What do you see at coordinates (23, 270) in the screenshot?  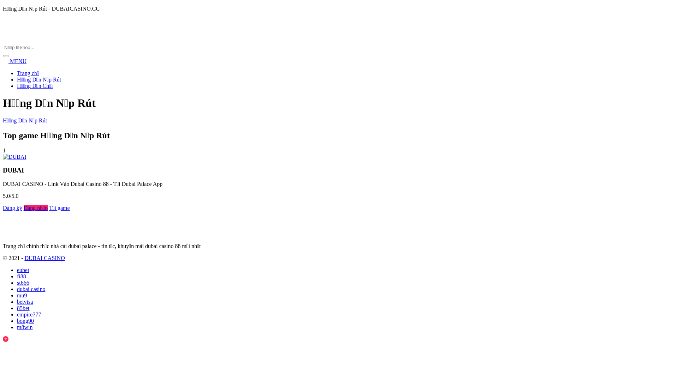 I see `'eubet'` at bounding box center [23, 270].